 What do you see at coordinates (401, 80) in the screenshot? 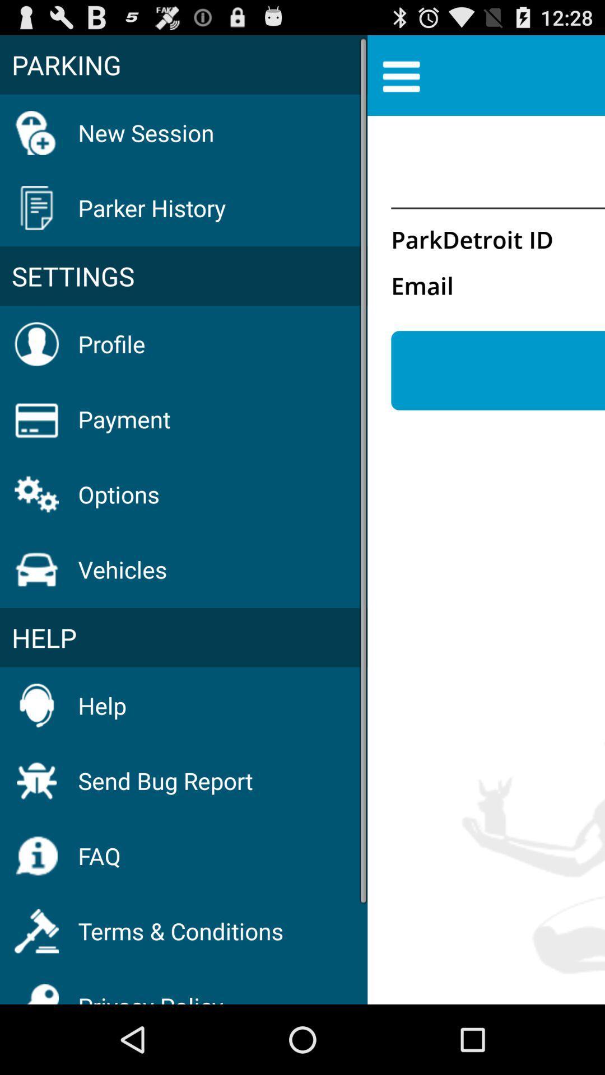
I see `the menu icon` at bounding box center [401, 80].